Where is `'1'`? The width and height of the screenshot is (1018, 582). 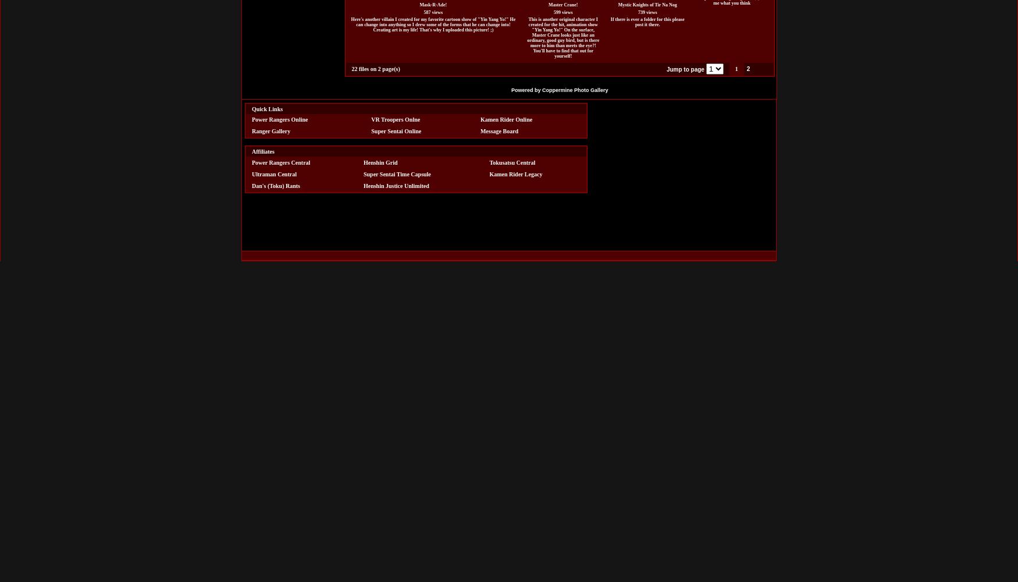
'1' is located at coordinates (734, 68).